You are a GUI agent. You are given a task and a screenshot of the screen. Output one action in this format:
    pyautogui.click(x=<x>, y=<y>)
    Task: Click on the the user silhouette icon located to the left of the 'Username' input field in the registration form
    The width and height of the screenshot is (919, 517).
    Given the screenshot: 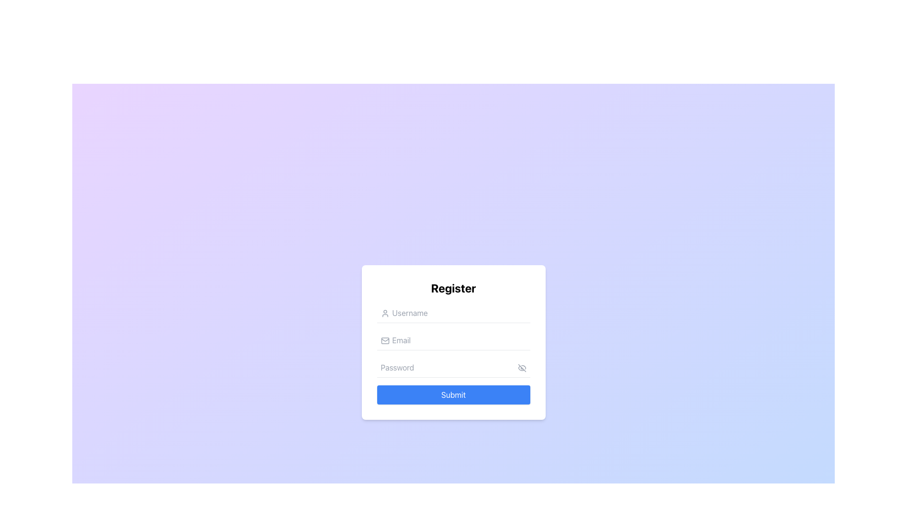 What is the action you would take?
    pyautogui.click(x=385, y=313)
    